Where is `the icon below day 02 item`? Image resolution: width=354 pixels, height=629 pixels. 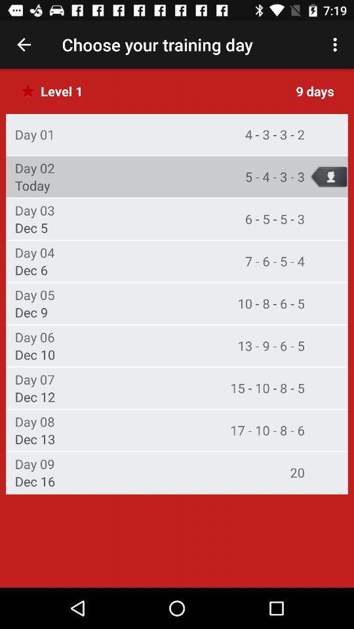
the icon below day 02 item is located at coordinates (32, 185).